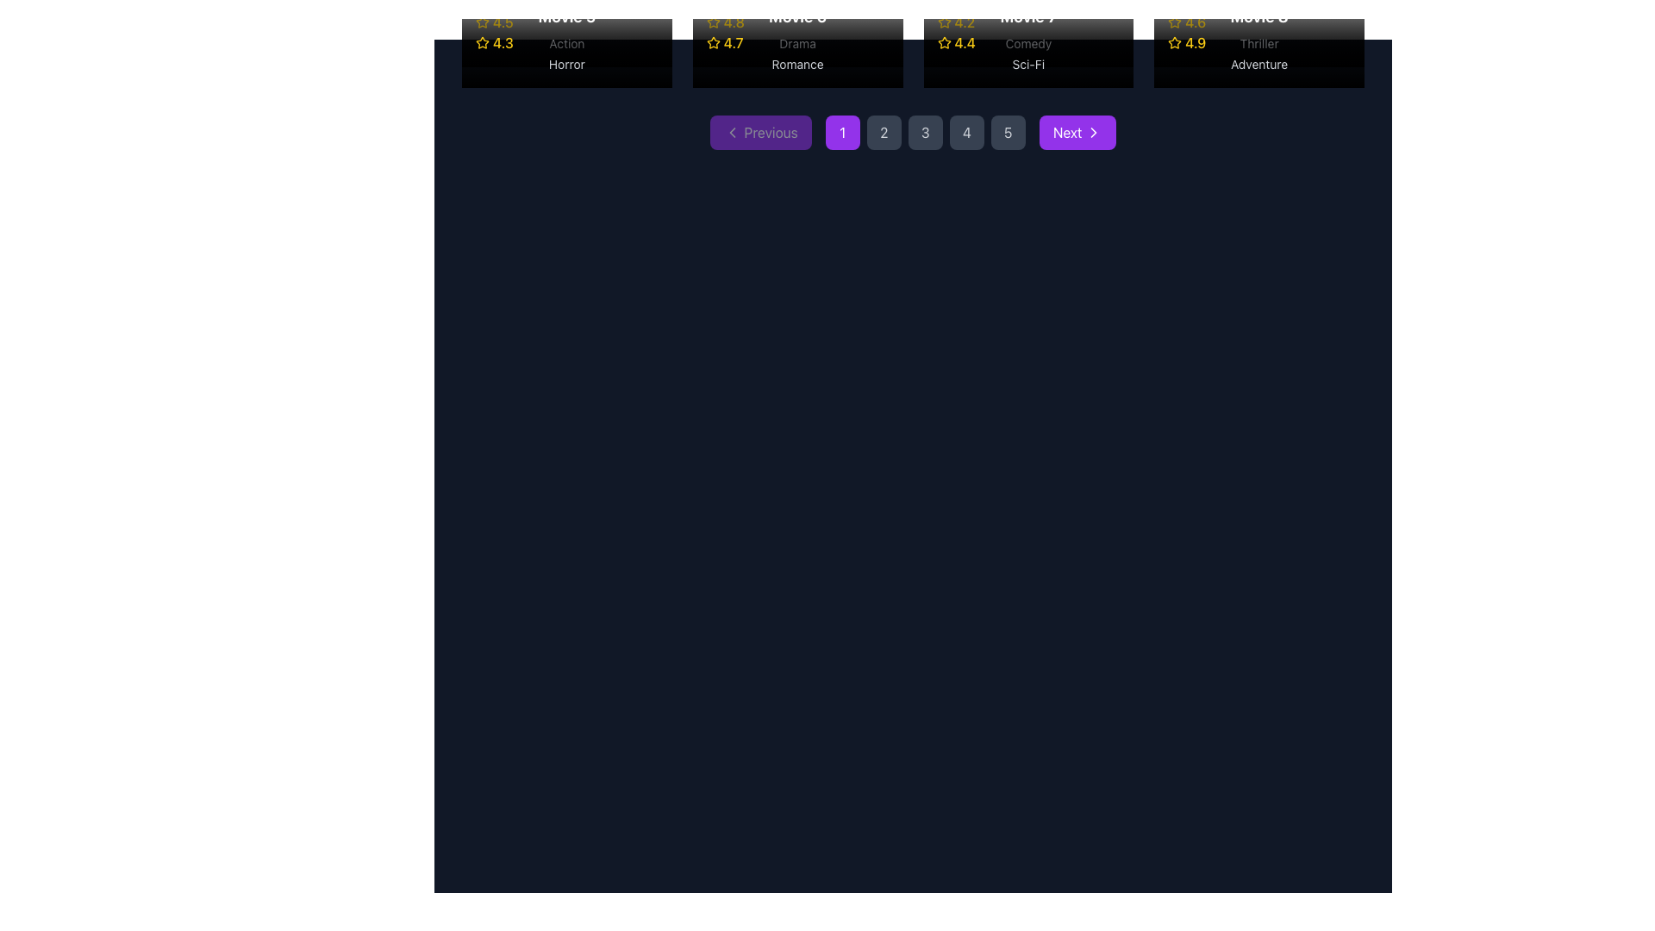  Describe the element at coordinates (483, 22) in the screenshot. I see `the yellow star icon indicating a rating value, located immediately left of the text '4.3' in the top-left movie entry` at that location.